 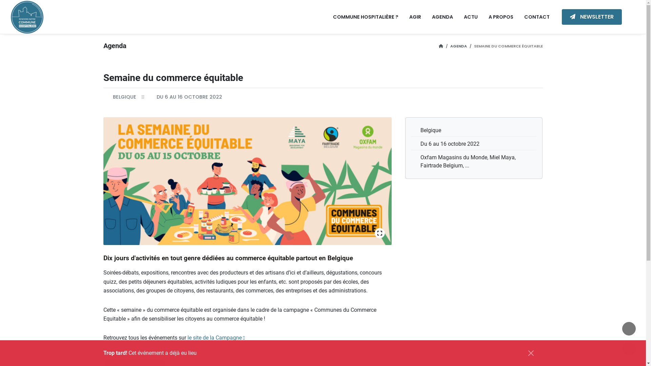 What do you see at coordinates (442, 17) in the screenshot?
I see `'AGENDA'` at bounding box center [442, 17].